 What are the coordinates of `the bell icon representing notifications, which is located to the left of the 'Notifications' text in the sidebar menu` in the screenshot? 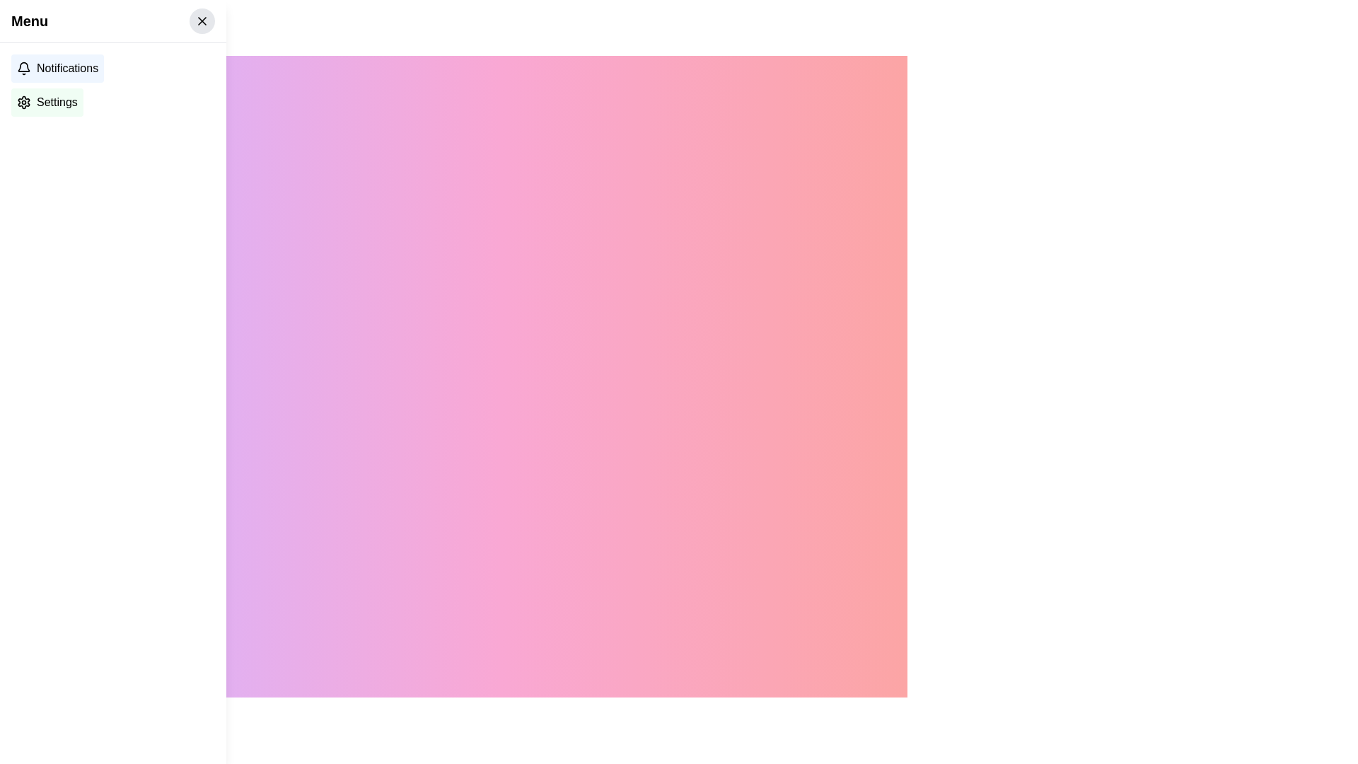 It's located at (23, 68).